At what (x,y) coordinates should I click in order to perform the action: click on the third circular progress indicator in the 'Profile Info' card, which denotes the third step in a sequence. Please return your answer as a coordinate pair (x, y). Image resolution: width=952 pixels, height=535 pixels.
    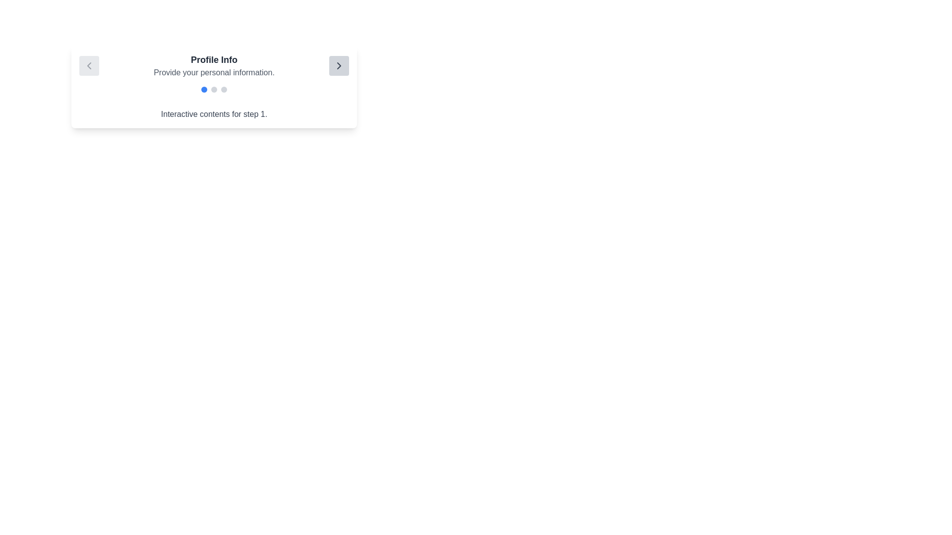
    Looking at the image, I should click on (223, 90).